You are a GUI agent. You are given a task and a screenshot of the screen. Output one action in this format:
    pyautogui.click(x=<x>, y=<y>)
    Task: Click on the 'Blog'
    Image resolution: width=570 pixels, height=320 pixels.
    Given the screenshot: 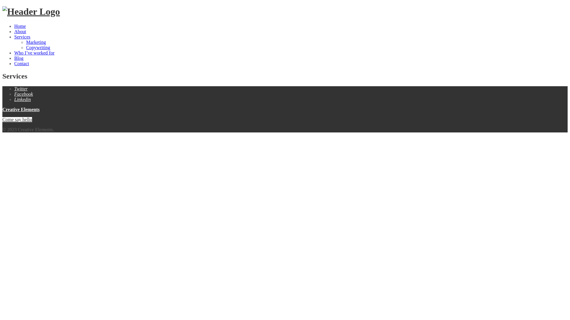 What is the action you would take?
    pyautogui.click(x=14, y=58)
    